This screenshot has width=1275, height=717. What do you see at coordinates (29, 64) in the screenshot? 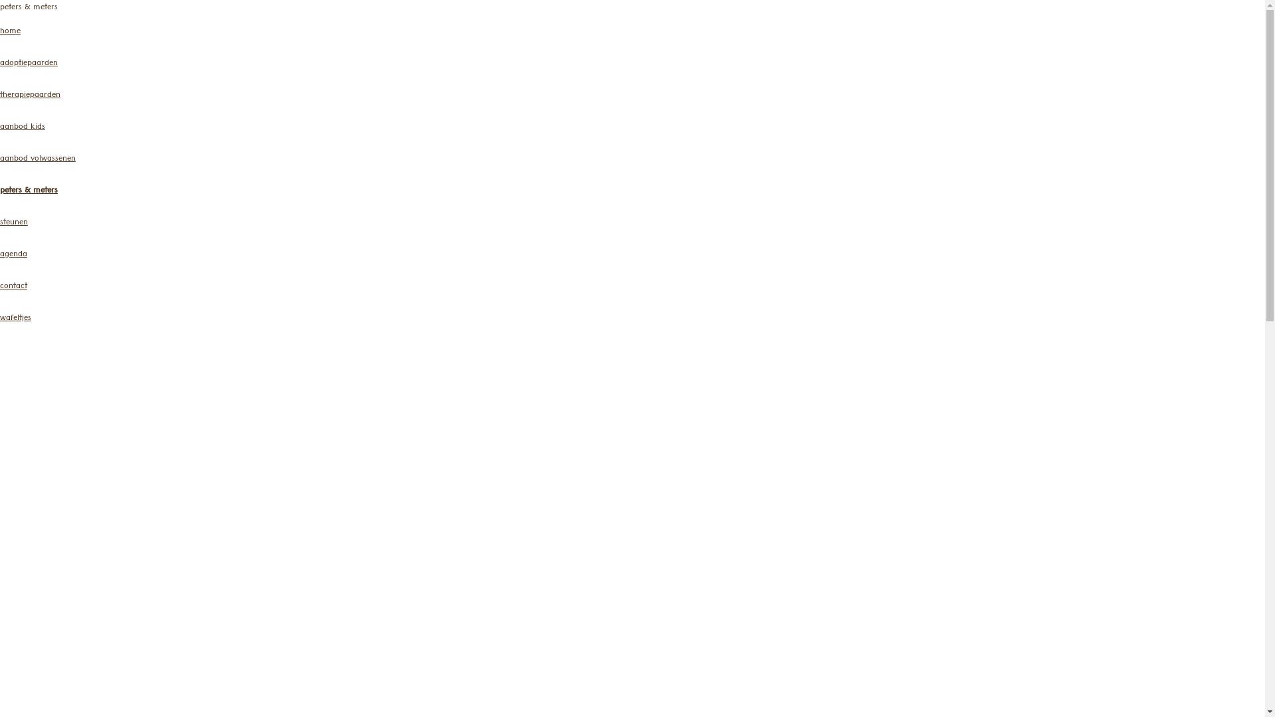
I see `'adoptiepaarden'` at bounding box center [29, 64].